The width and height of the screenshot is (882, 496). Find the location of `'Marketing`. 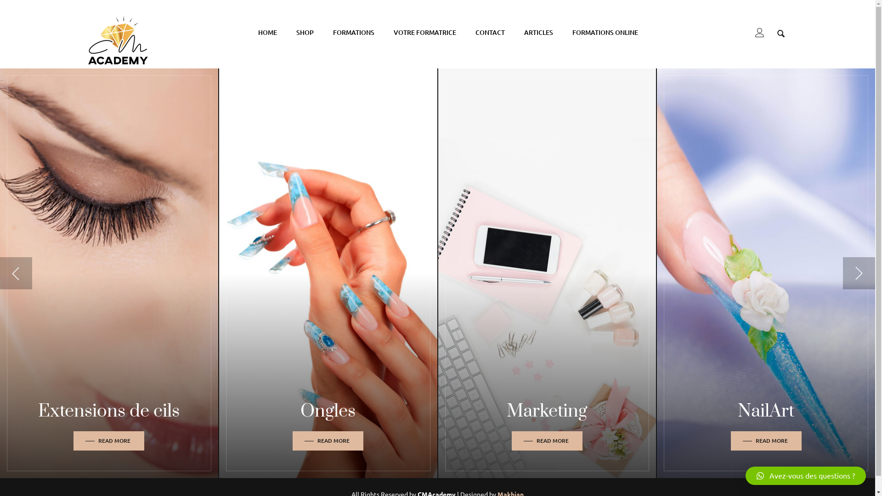

'Marketing is located at coordinates (547, 272).